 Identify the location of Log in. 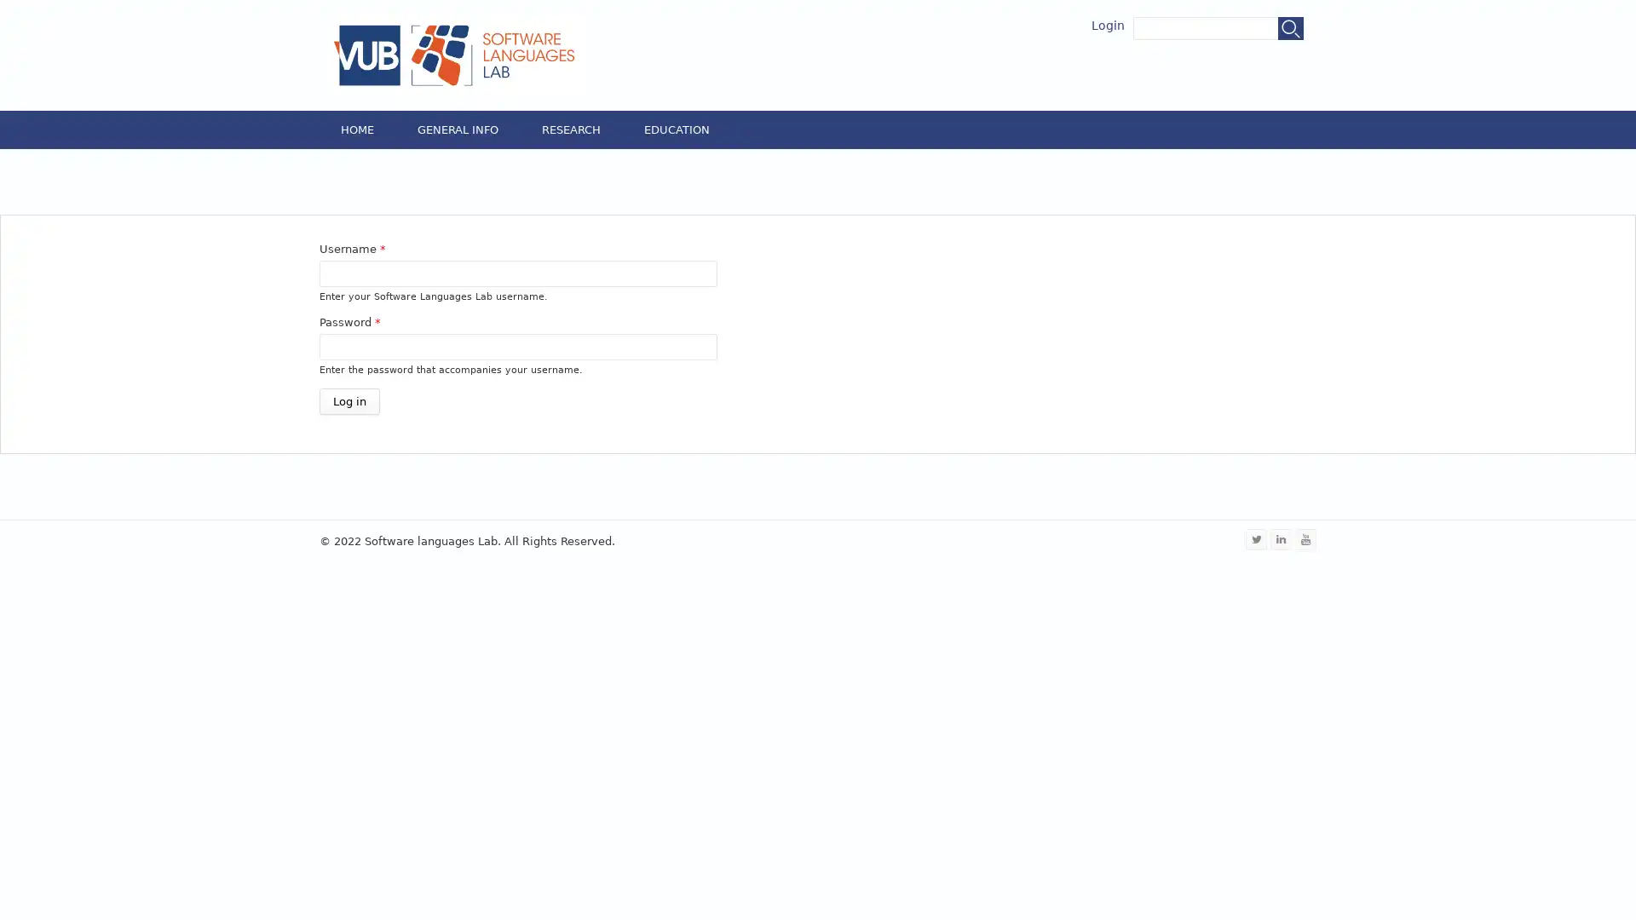
(349, 400).